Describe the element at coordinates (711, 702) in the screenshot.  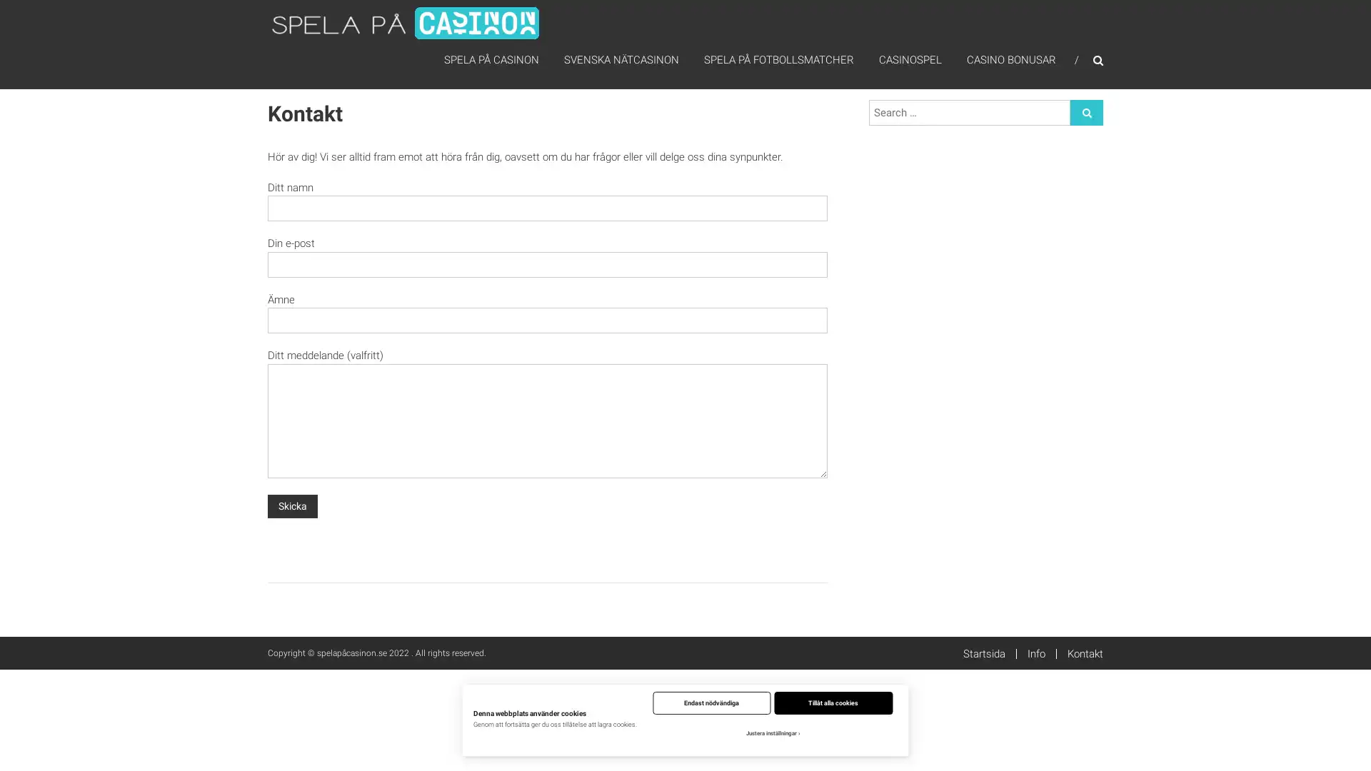
I see `Endast nodvandiga` at that location.